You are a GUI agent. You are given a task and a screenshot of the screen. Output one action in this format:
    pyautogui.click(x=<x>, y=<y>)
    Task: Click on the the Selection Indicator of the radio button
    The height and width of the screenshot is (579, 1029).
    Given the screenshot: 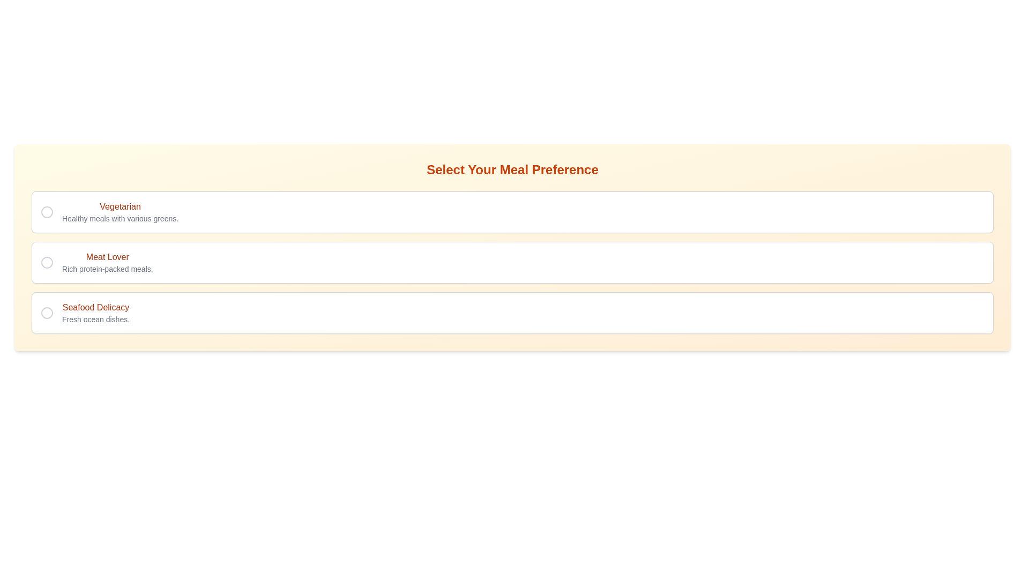 What is the action you would take?
    pyautogui.click(x=46, y=313)
    